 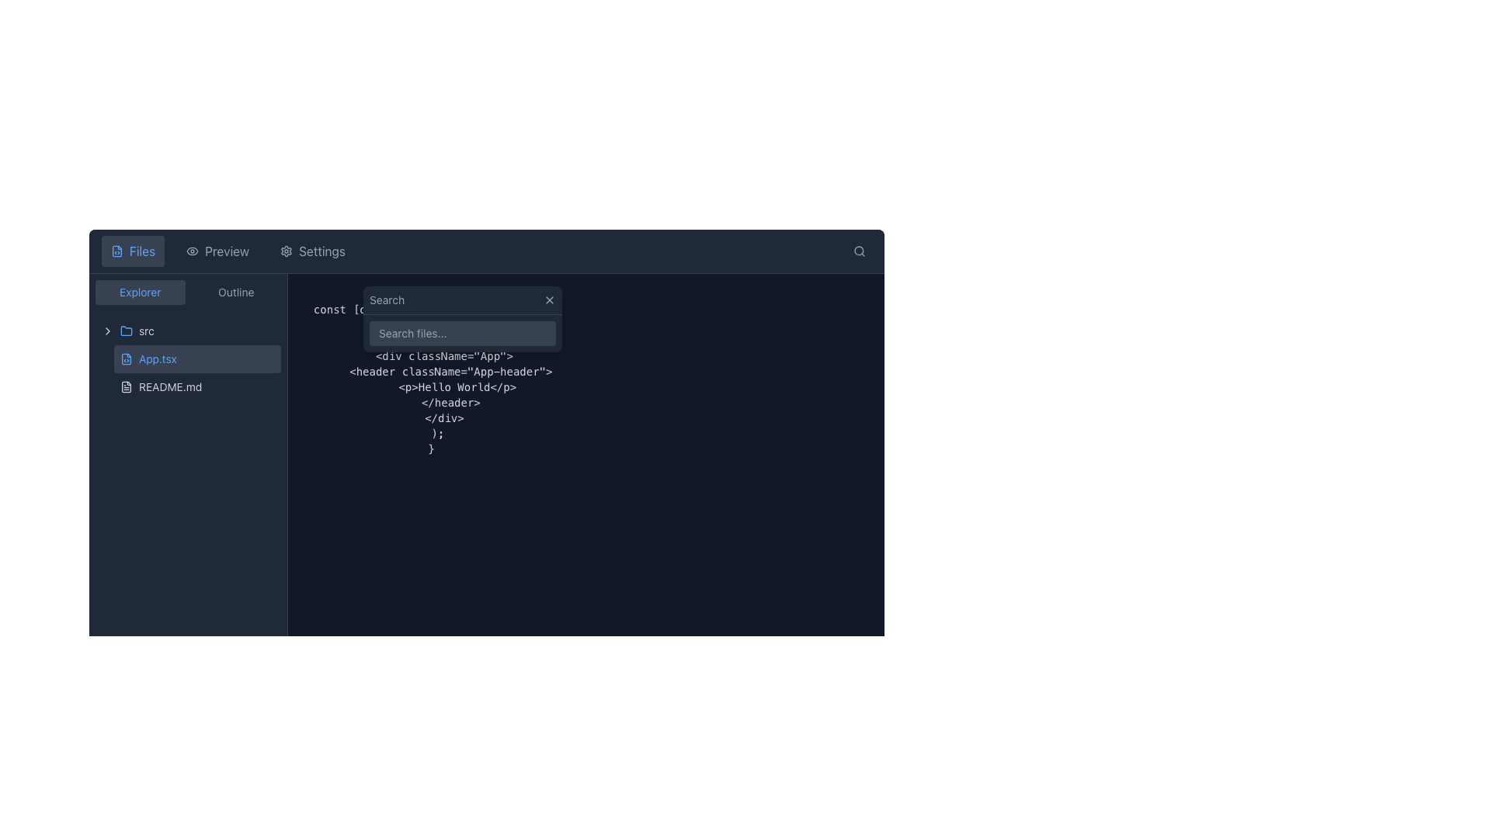 I want to click on the 'README.md' file list item in the file explorer, so click(x=196, y=386).